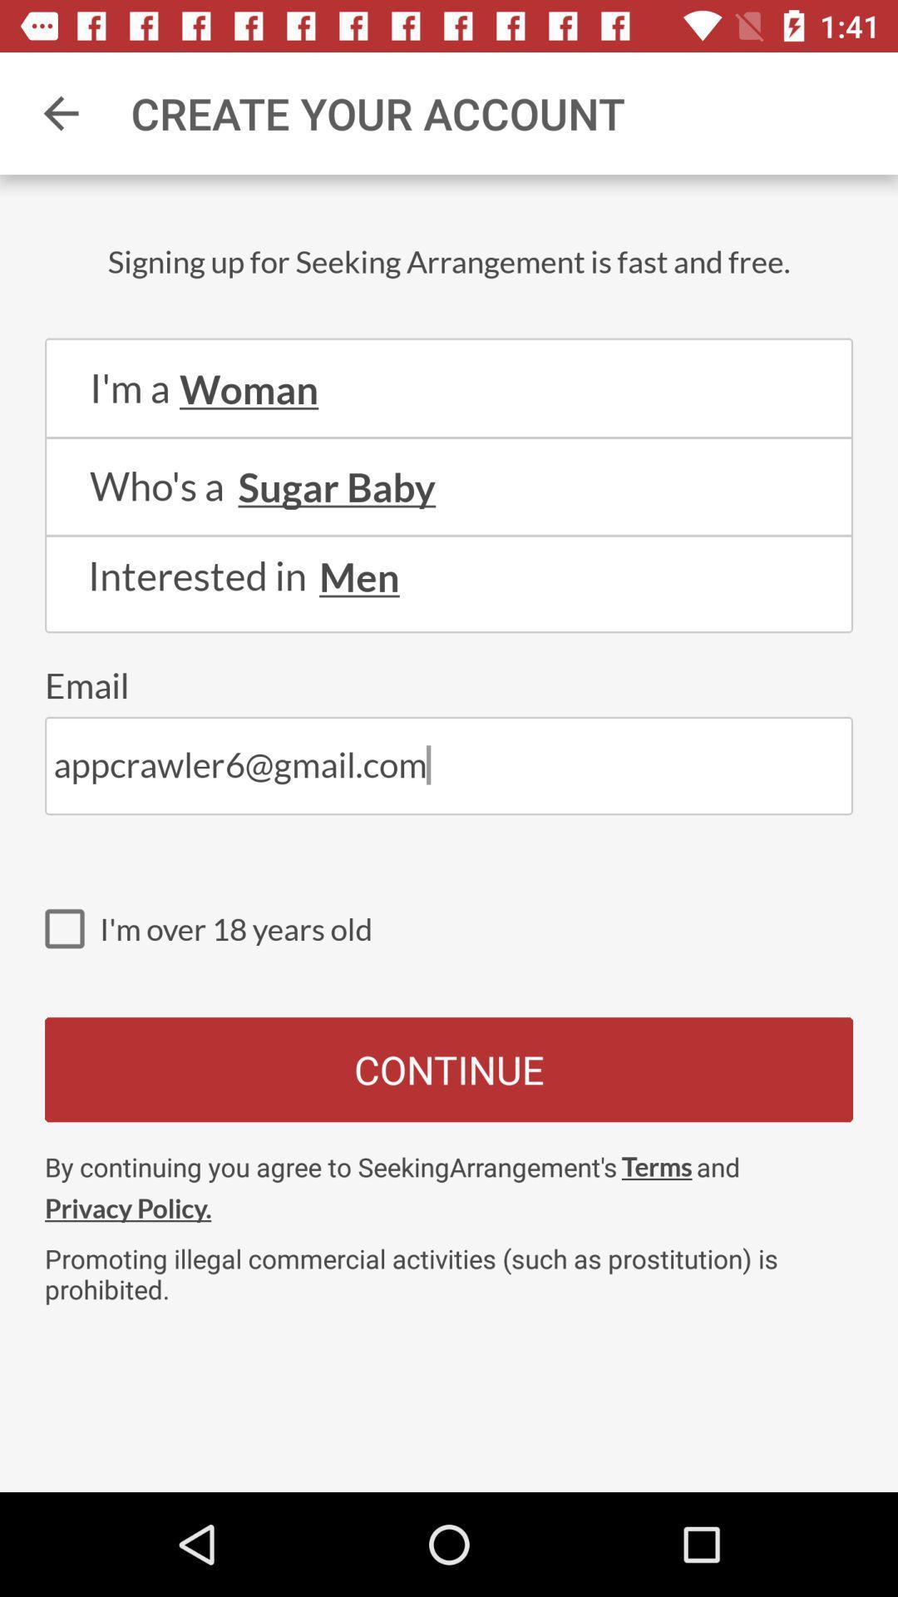 The image size is (898, 1597). What do you see at coordinates (449, 1070) in the screenshot?
I see `item above by continuing you item` at bounding box center [449, 1070].